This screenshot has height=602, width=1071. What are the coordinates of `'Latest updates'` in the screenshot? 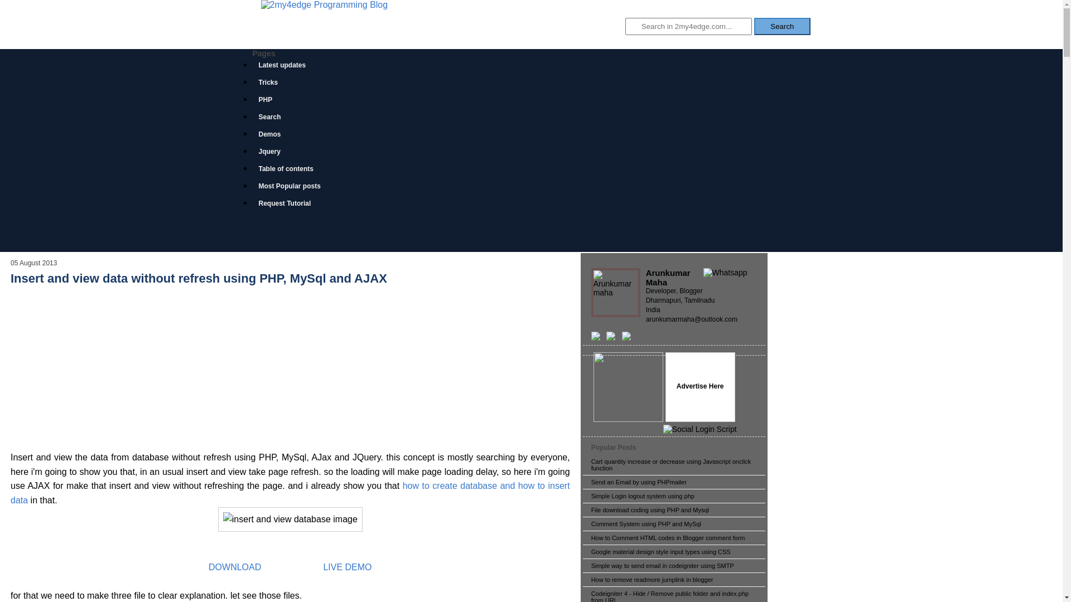 It's located at (287, 66).